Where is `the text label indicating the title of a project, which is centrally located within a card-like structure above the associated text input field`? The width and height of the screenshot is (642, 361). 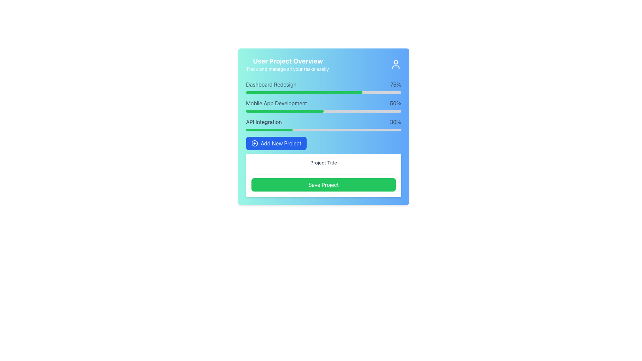 the text label indicating the title of a project, which is centrally located within a card-like structure above the associated text input field is located at coordinates (324, 162).